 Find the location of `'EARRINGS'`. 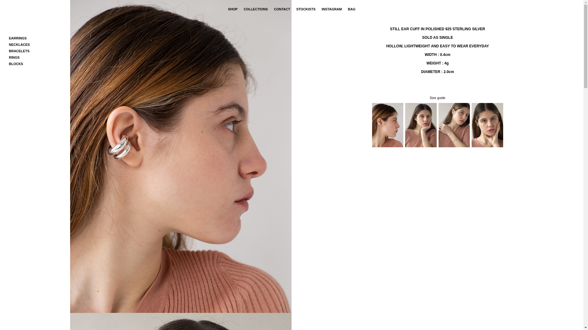

'EARRINGS' is located at coordinates (9, 38).